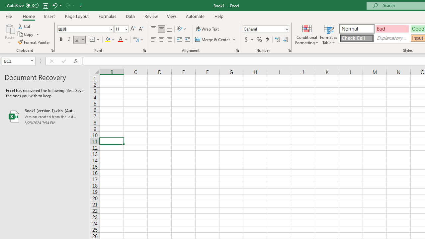 This screenshot has height=239, width=425. I want to click on 'Comma Style', so click(267, 40).